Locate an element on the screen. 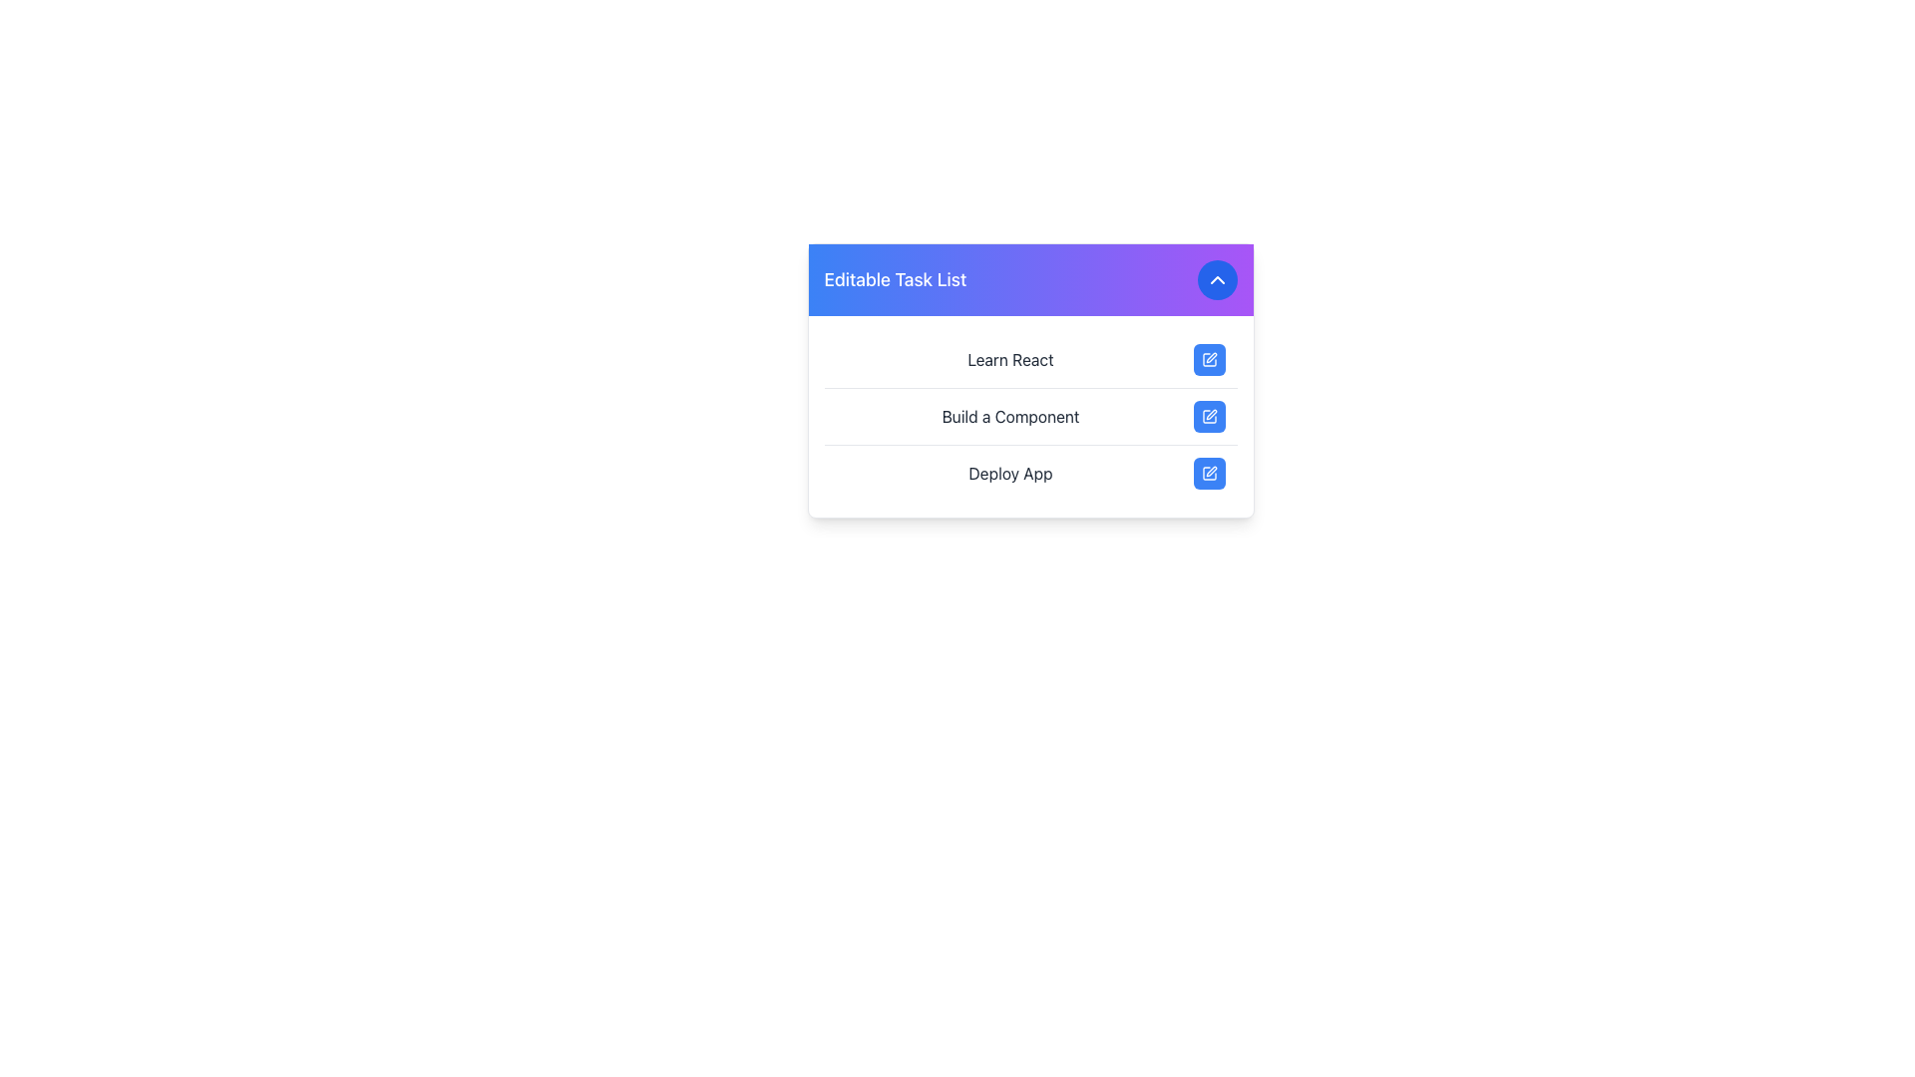  the Chevron-Up icon located at the top-right corner of the 'Editable Task List' card is located at coordinates (1216, 280).